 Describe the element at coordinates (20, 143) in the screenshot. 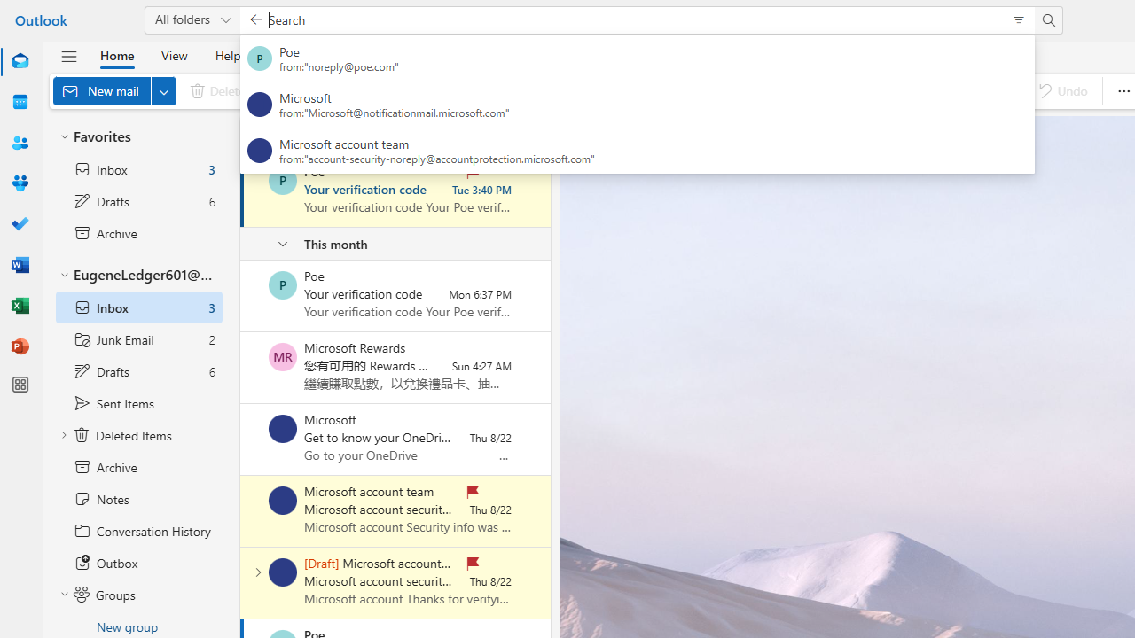

I see `'People'` at that location.